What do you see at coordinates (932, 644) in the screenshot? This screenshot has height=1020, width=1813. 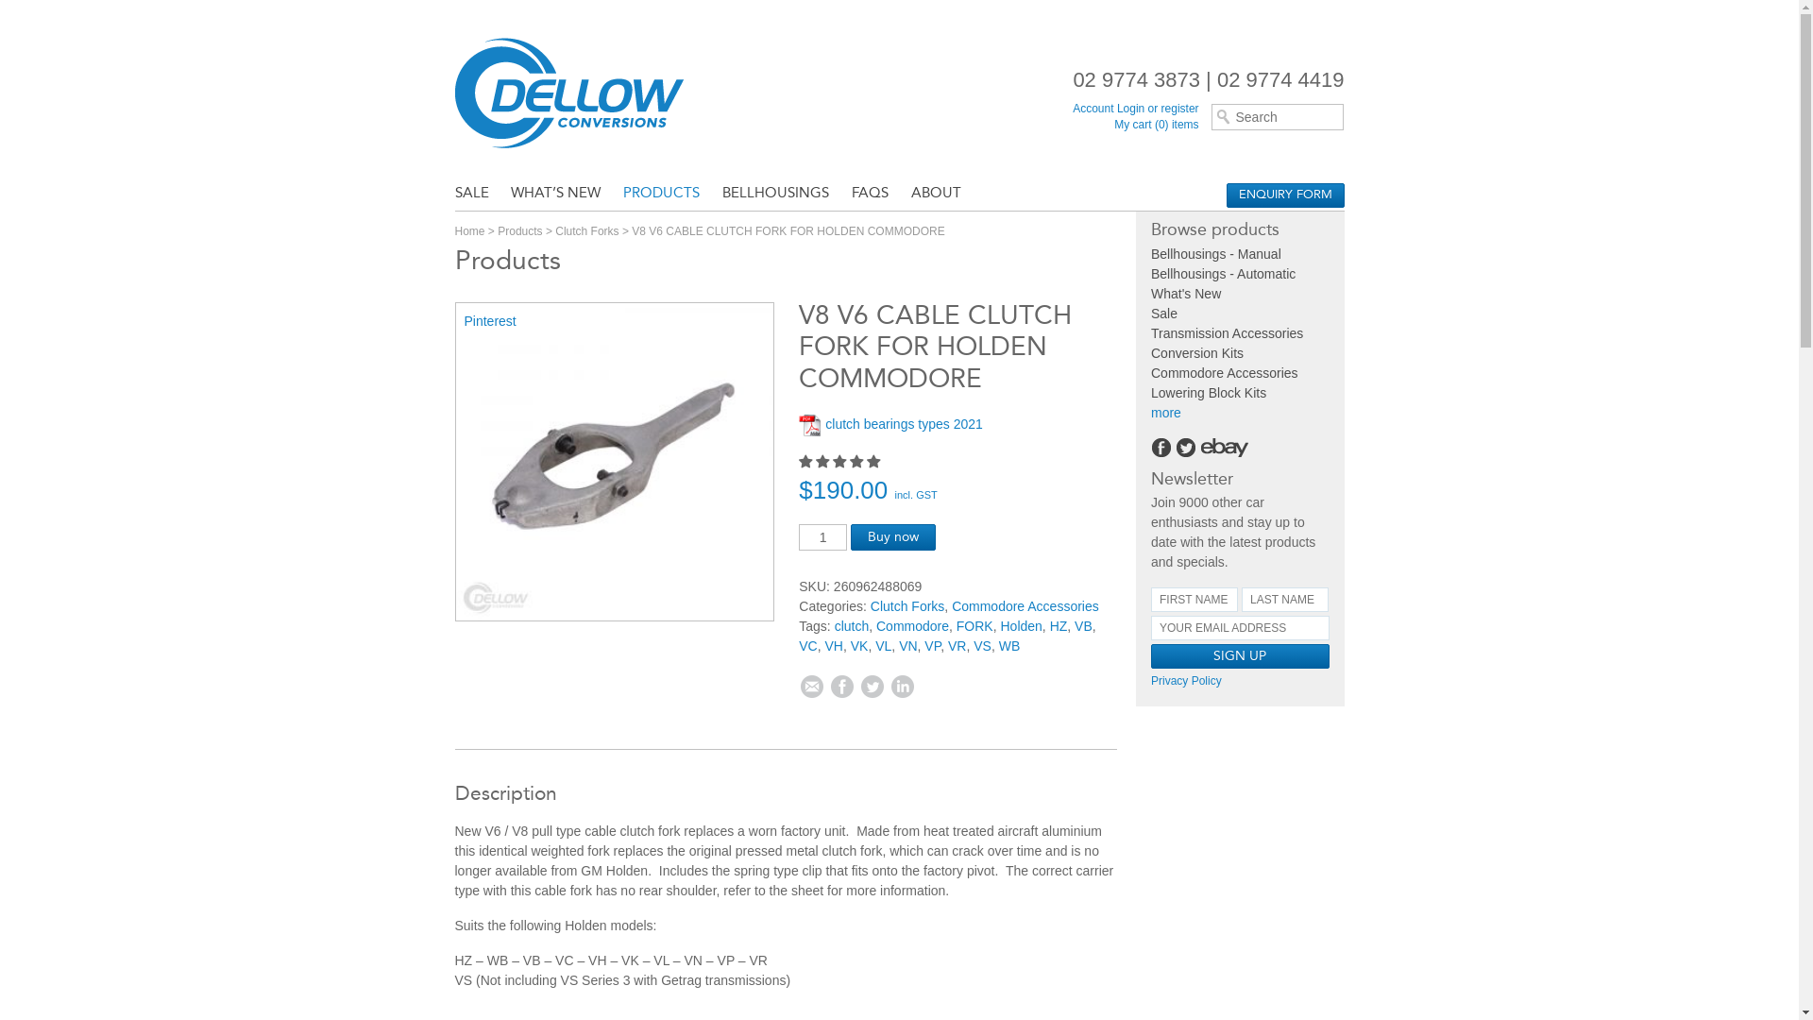 I see `'VP'` at bounding box center [932, 644].